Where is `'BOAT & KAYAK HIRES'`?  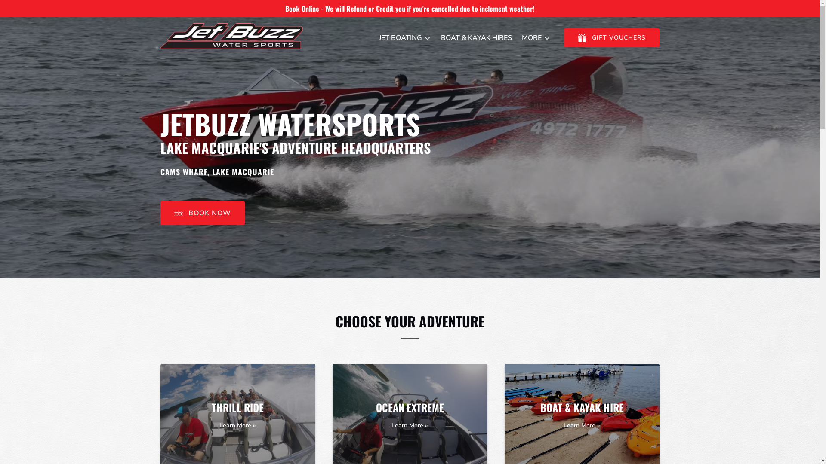
'BOAT & KAYAK HIRES' is located at coordinates (475, 37).